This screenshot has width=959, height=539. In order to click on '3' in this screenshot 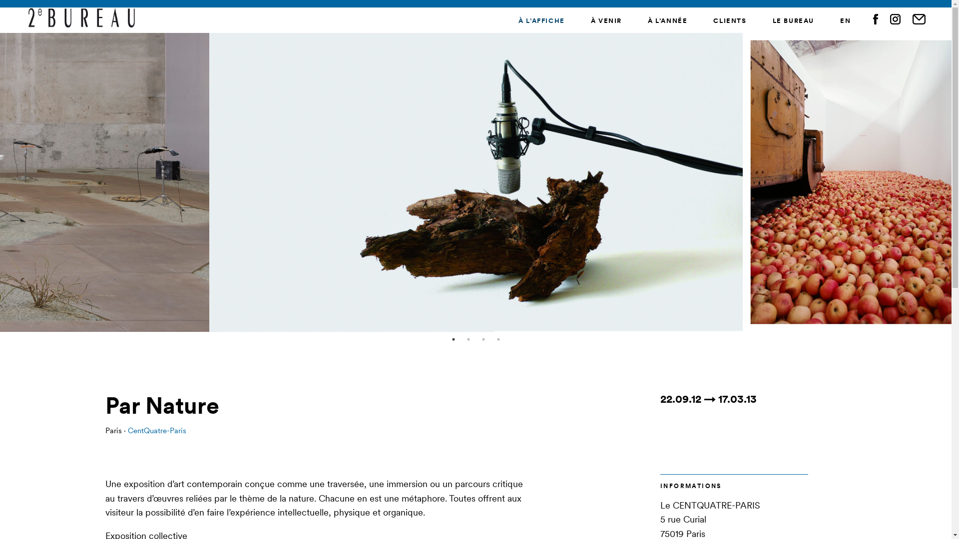, I will do `click(483, 338)`.